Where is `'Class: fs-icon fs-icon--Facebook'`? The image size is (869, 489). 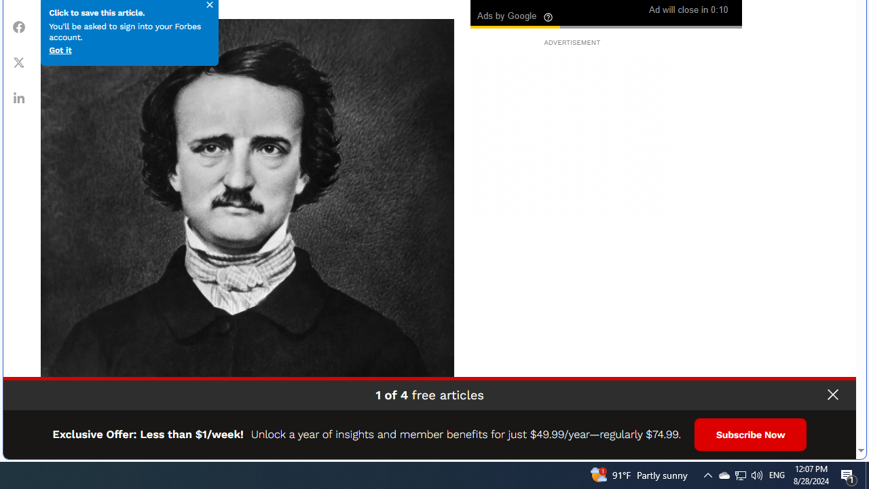 'Class: fs-icon fs-icon--Facebook' is located at coordinates (19, 26).